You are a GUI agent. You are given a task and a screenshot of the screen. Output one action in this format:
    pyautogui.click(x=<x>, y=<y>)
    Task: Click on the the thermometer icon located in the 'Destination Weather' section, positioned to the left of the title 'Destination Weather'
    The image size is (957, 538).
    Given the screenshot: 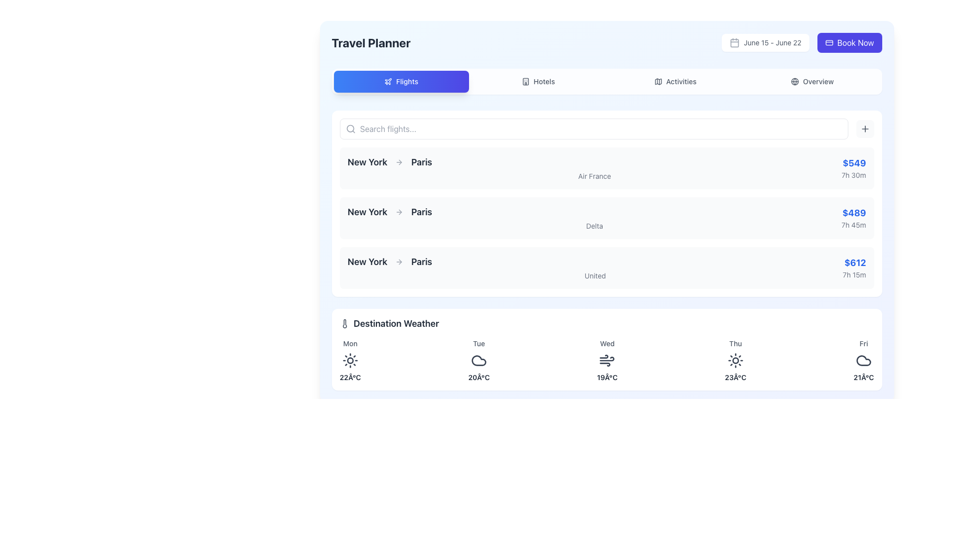 What is the action you would take?
    pyautogui.click(x=344, y=324)
    